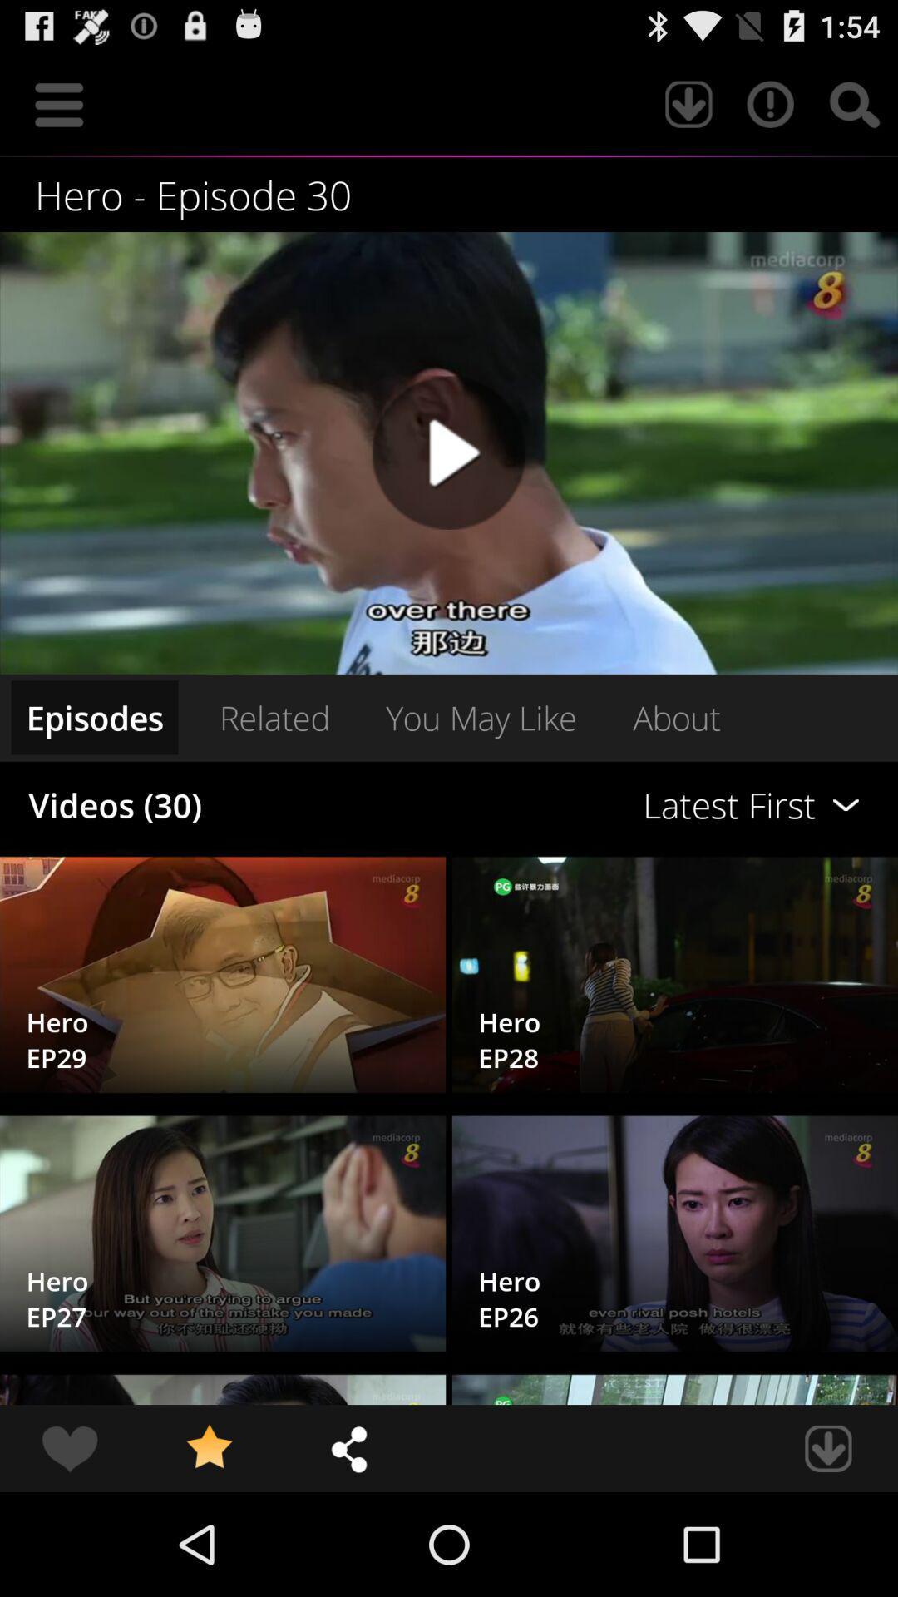 The image size is (898, 1597). I want to click on icon below related, so click(614, 805).